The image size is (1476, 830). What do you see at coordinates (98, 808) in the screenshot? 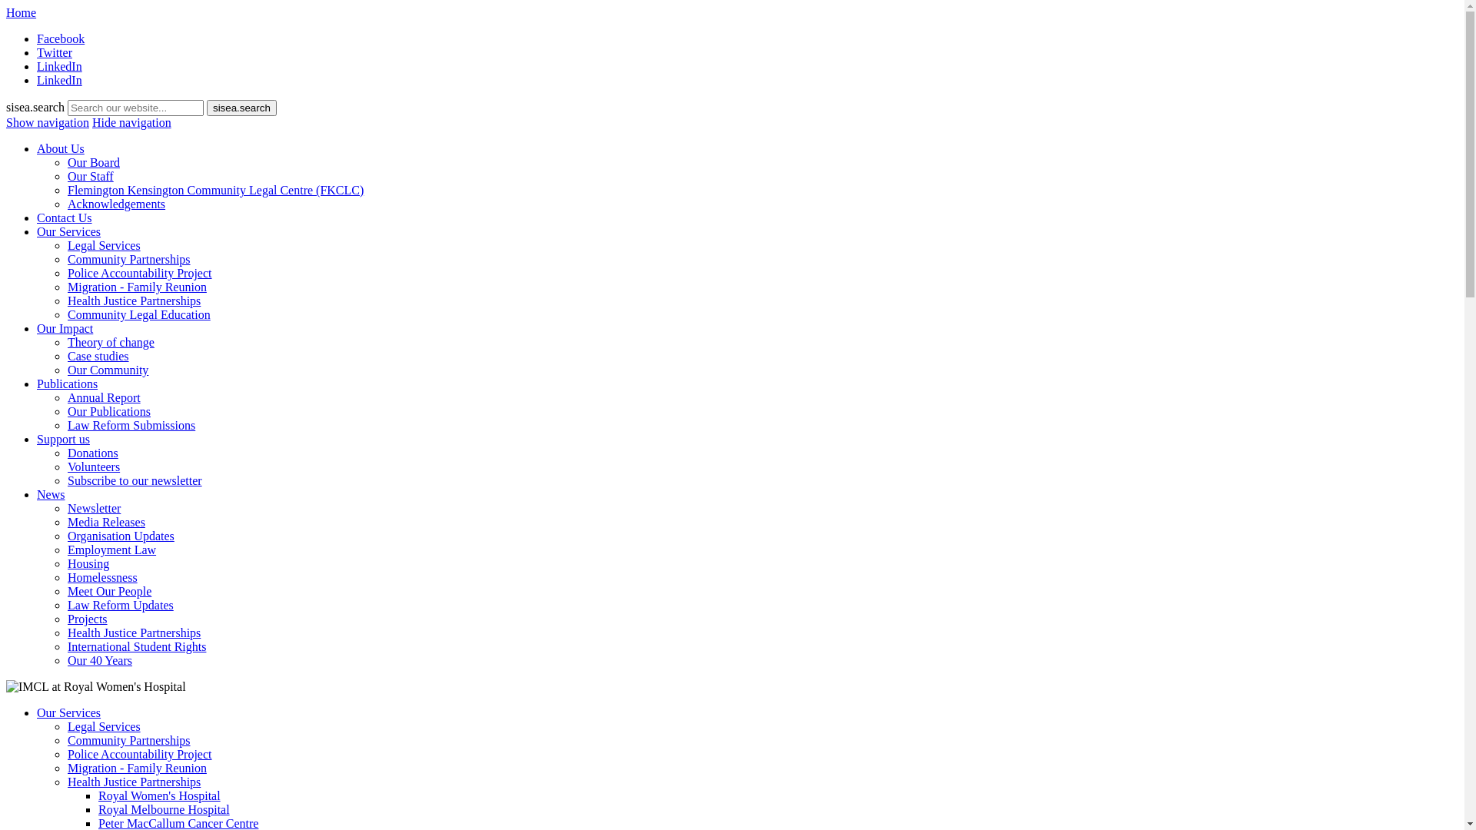
I see `'Royal Melbourne Hospital'` at bounding box center [98, 808].